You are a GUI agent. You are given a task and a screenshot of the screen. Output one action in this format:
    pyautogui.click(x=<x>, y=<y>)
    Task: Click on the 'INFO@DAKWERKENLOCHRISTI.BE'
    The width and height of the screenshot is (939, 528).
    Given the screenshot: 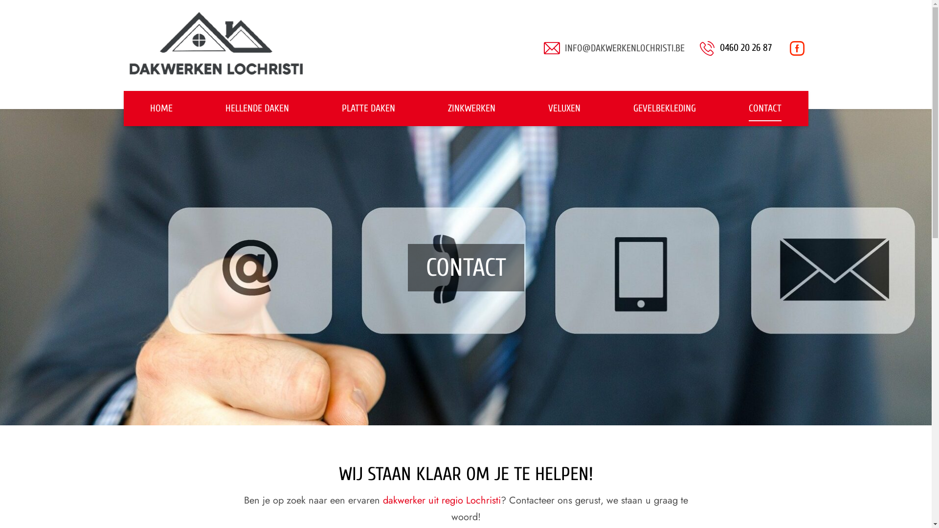 What is the action you would take?
    pyautogui.click(x=624, y=48)
    